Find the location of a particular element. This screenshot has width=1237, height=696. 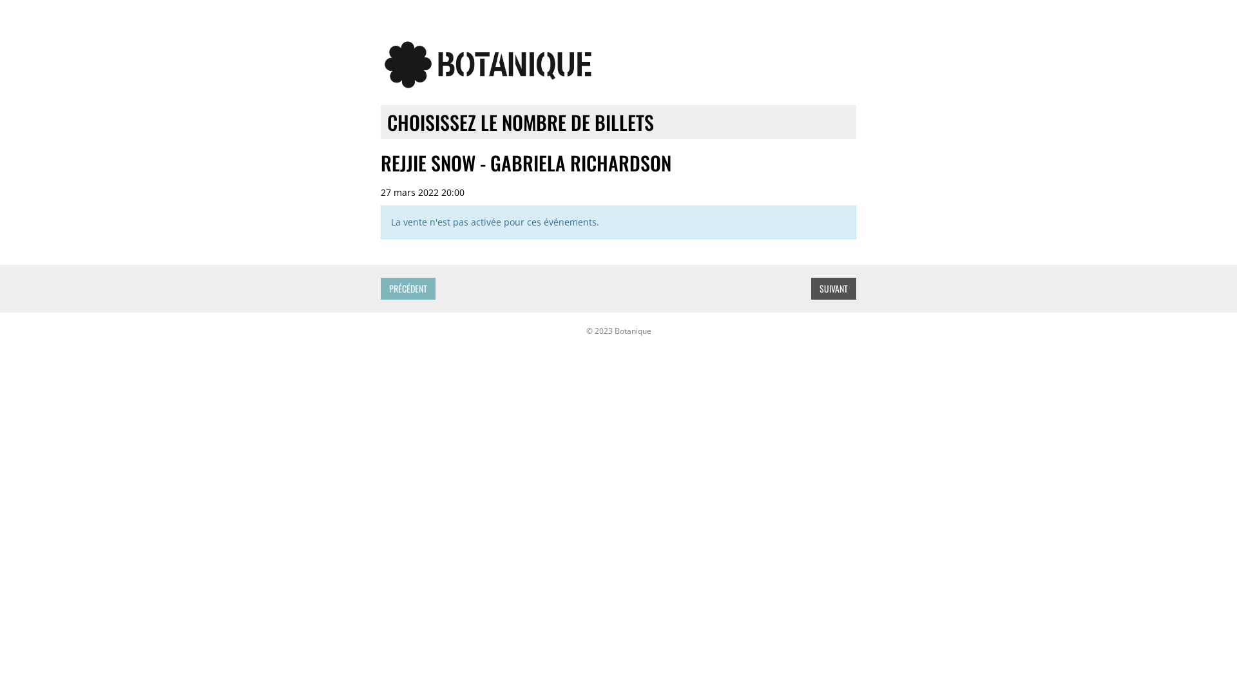

'SUIVANT' is located at coordinates (834, 287).